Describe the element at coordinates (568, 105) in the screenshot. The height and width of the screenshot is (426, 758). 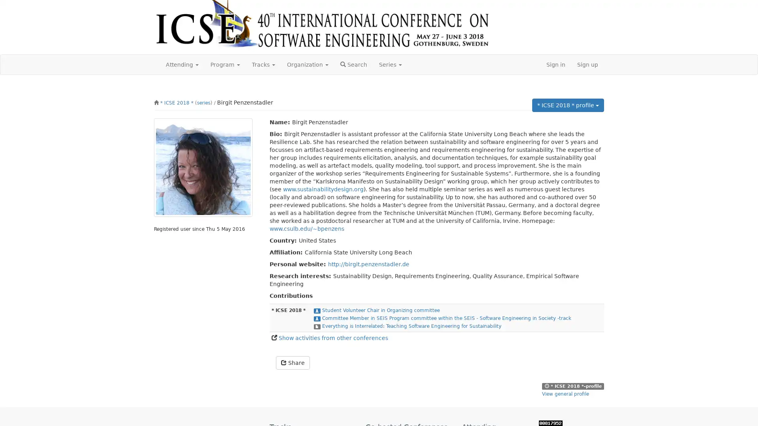
I see `* ICSE 2018 * profile` at that location.